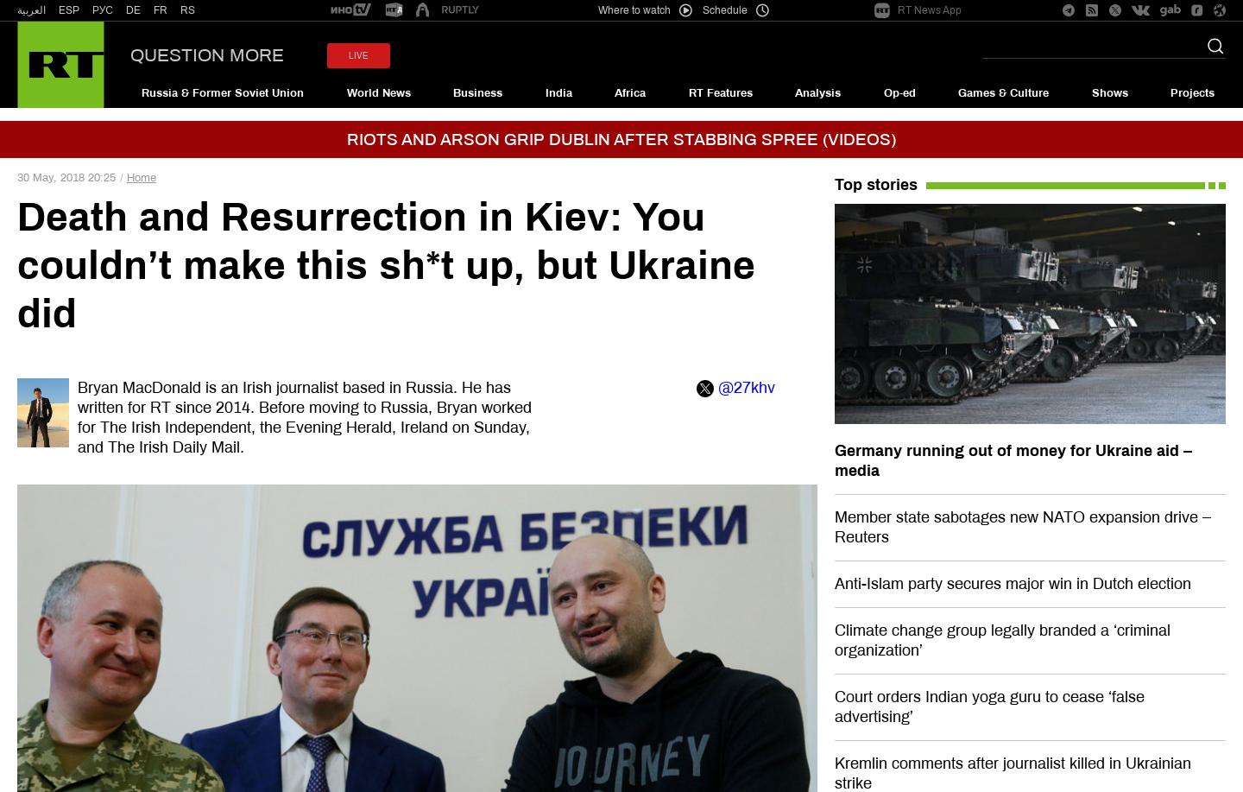 The image size is (1243, 792). I want to click on 'India', so click(544, 92).